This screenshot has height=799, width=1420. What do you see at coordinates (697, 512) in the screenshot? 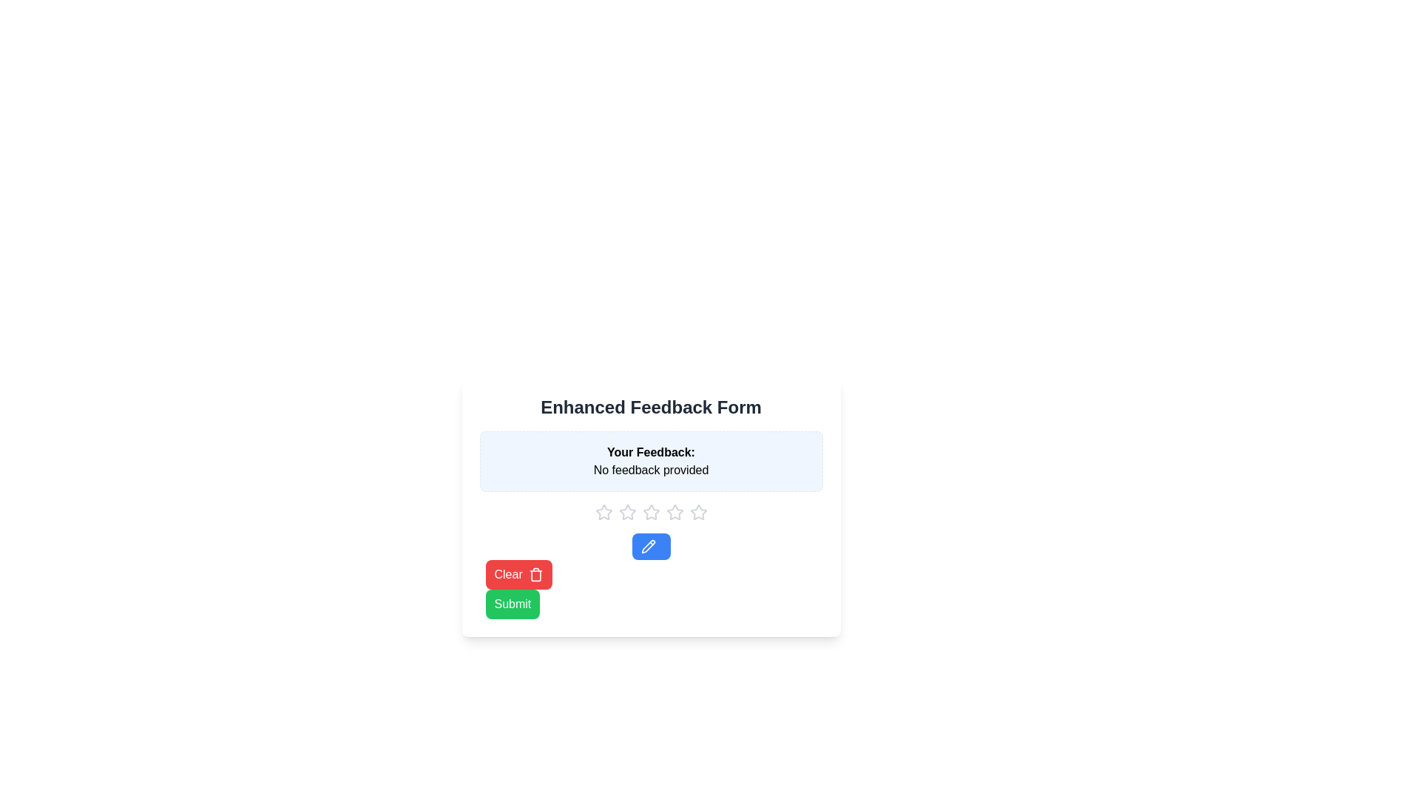
I see `the fifth star icon with a hollow center and gray outline, located in the center region below the 'Your Feedback:' text area` at bounding box center [697, 512].